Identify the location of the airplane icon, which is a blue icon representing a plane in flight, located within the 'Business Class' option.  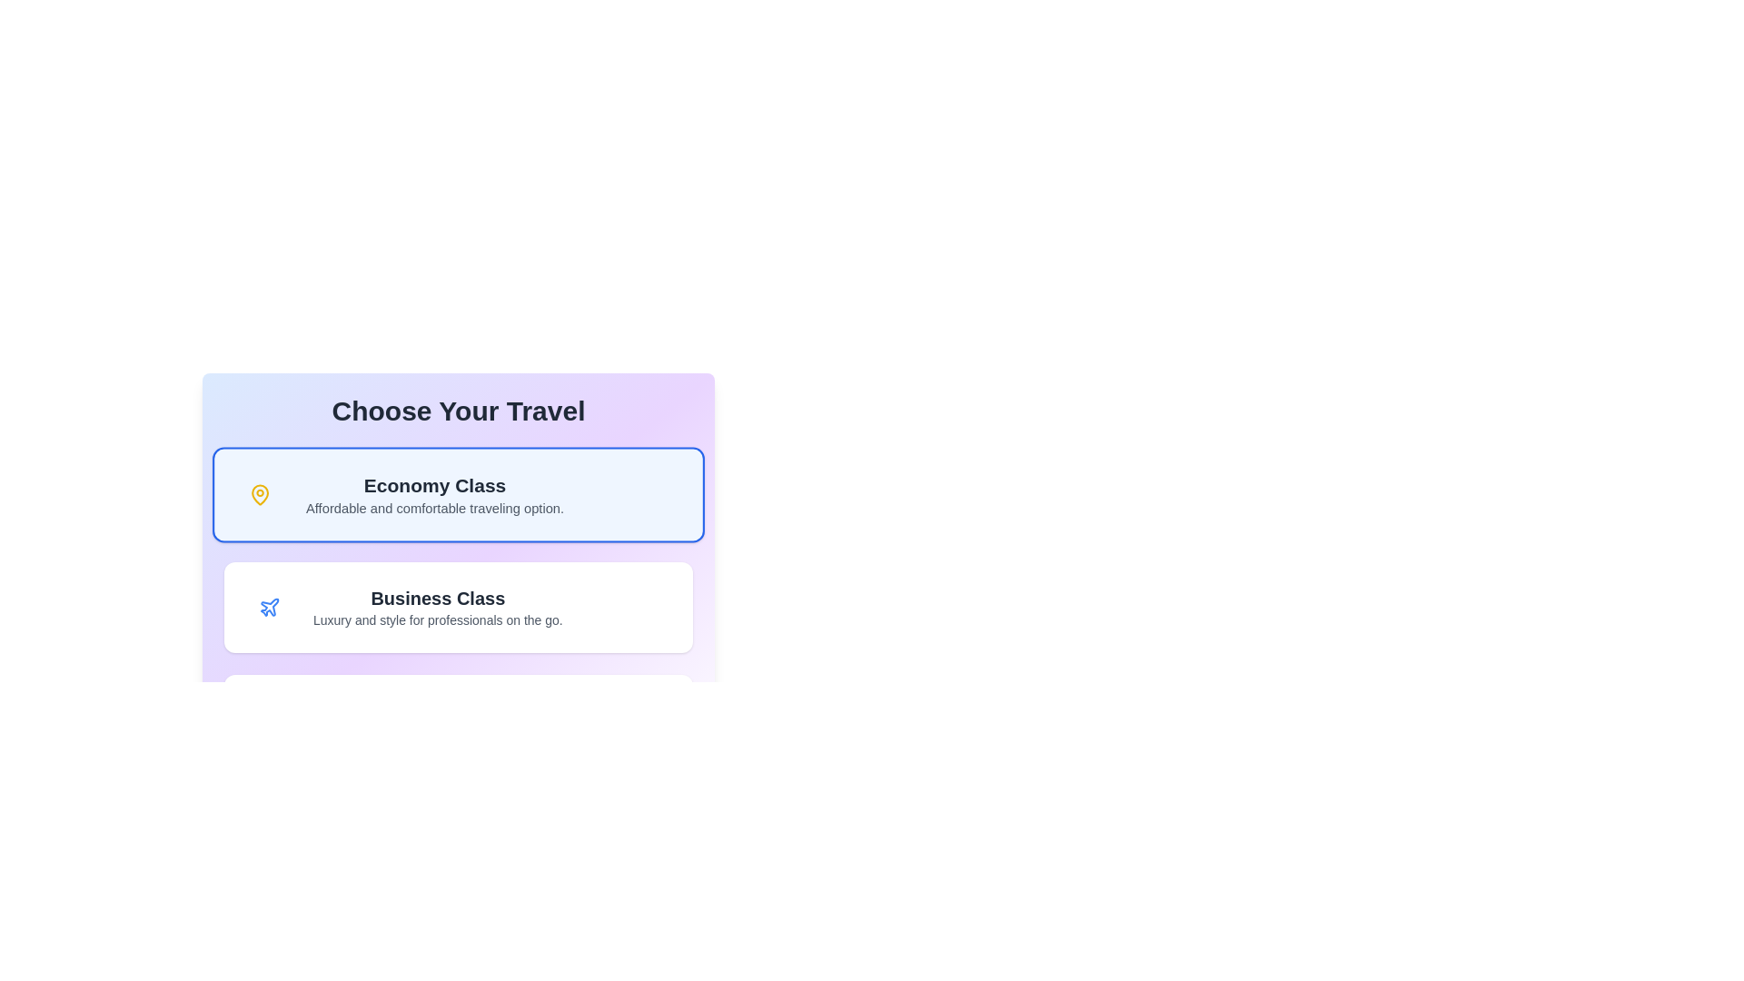
(269, 607).